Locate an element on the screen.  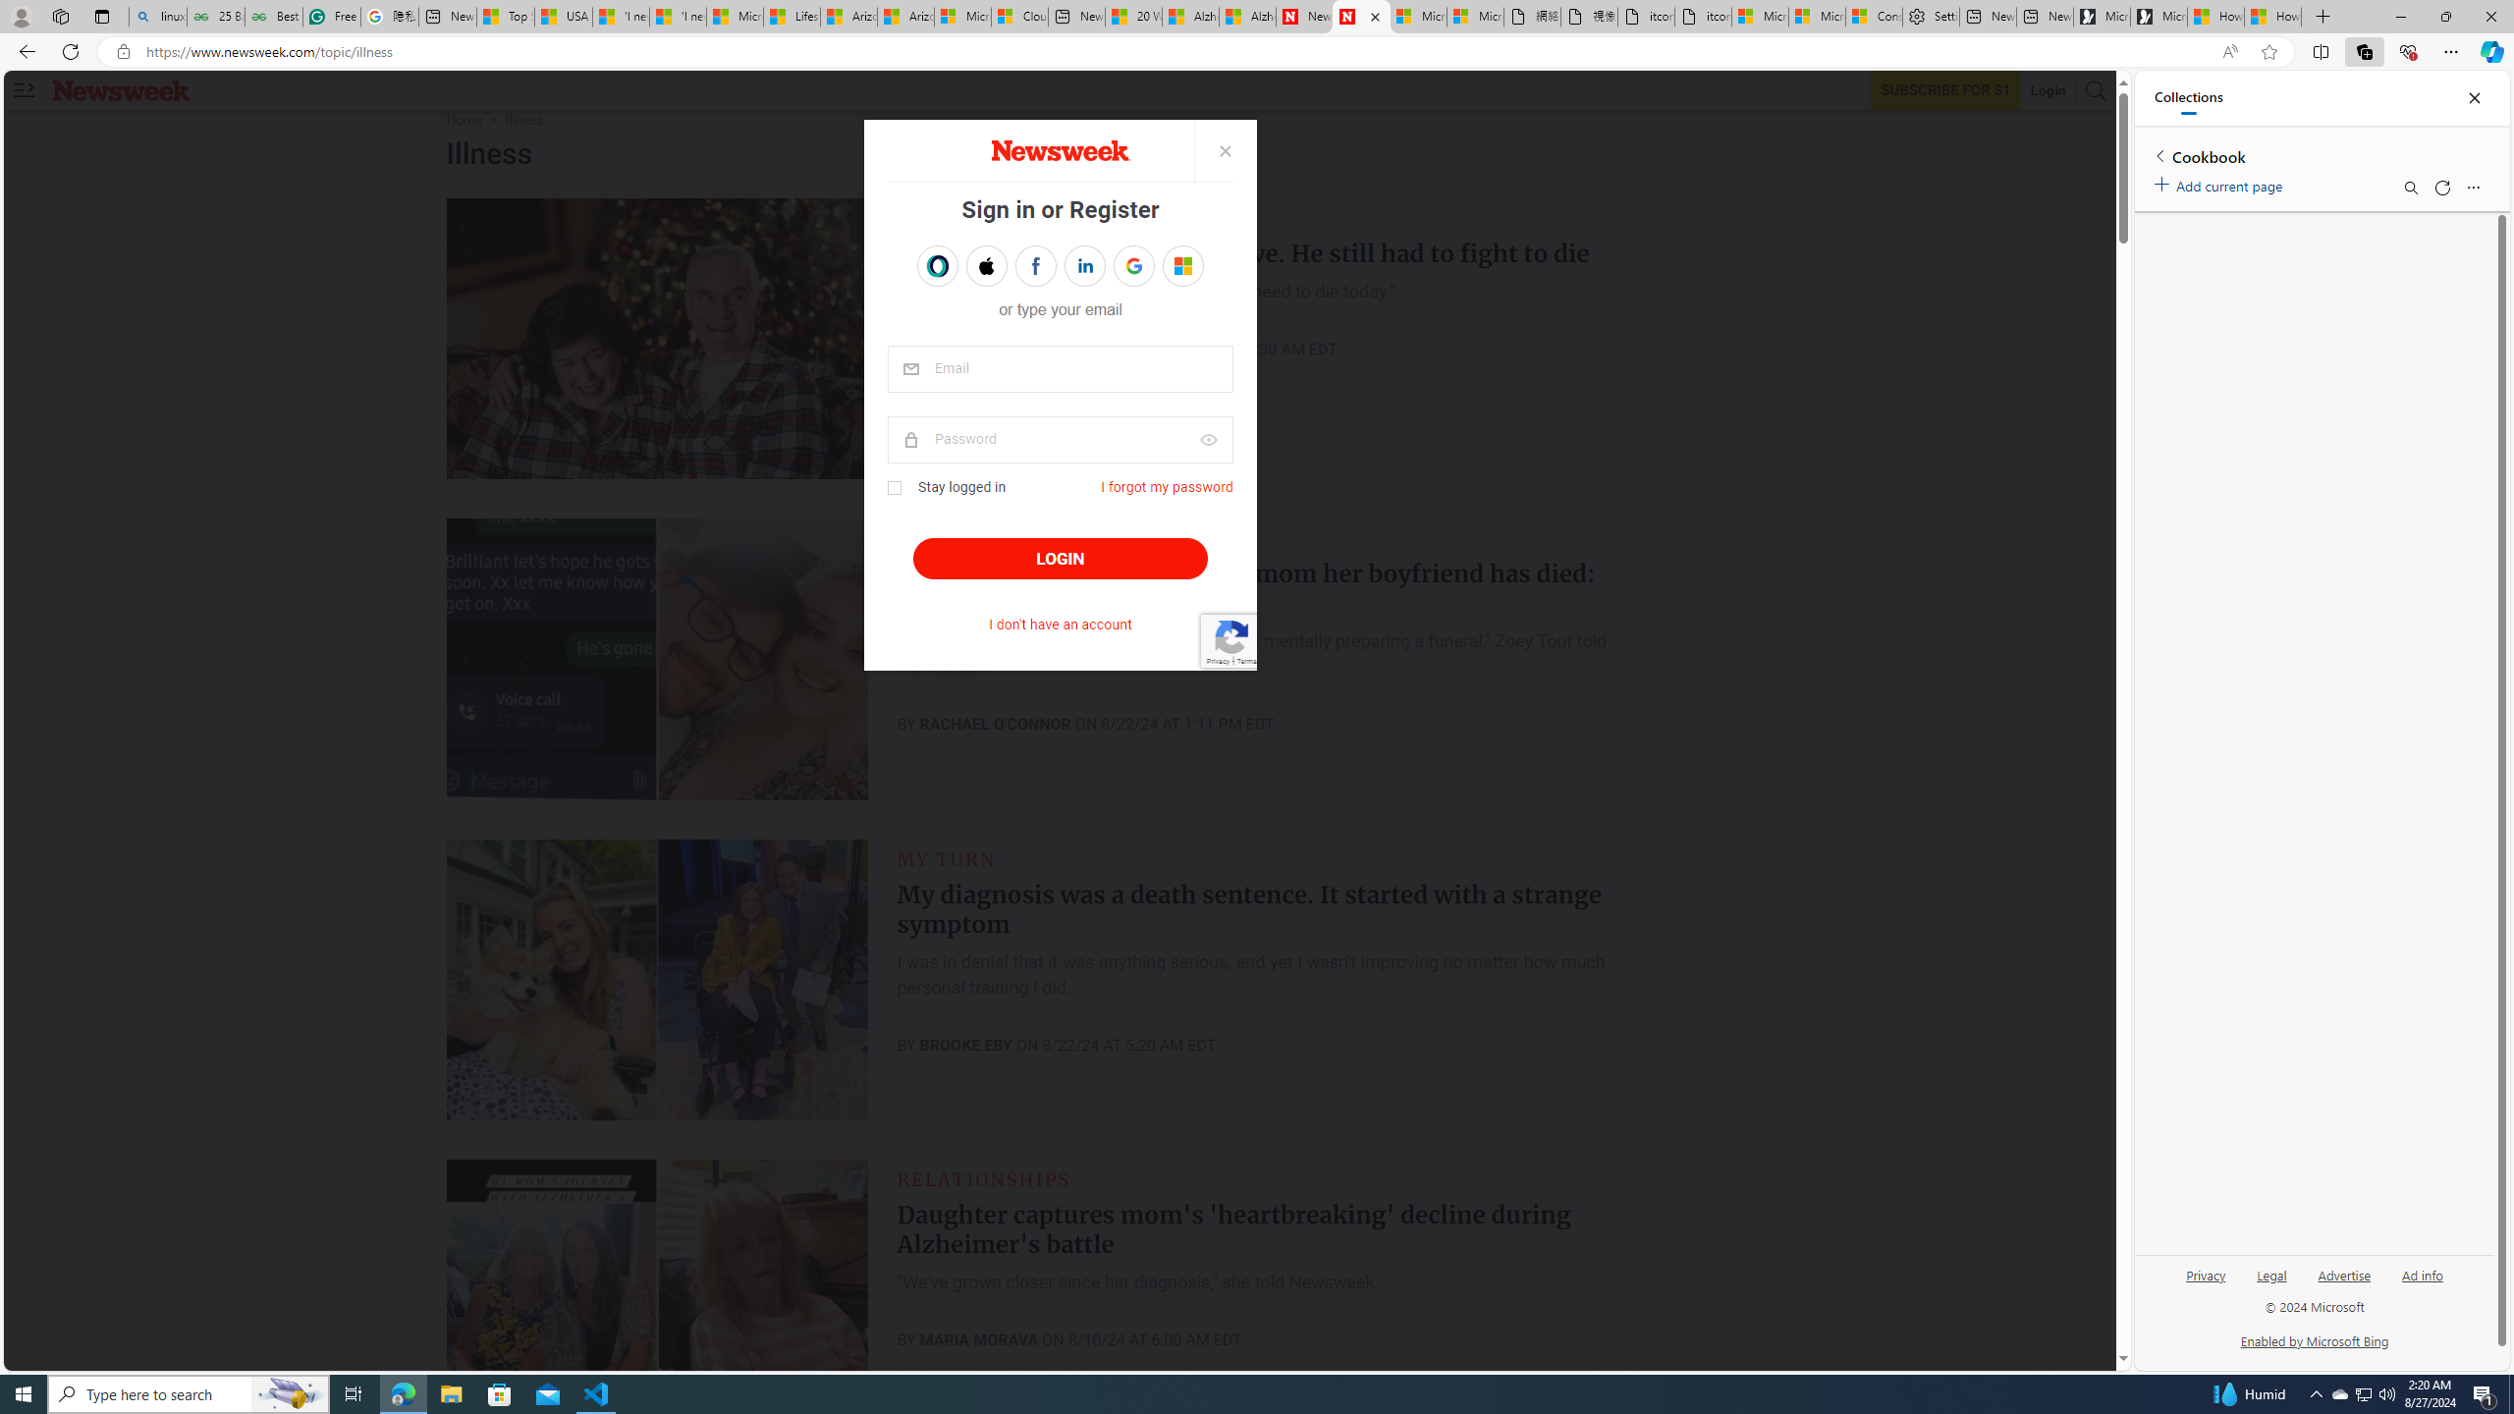
'Ad info' is located at coordinates (2422, 1281).